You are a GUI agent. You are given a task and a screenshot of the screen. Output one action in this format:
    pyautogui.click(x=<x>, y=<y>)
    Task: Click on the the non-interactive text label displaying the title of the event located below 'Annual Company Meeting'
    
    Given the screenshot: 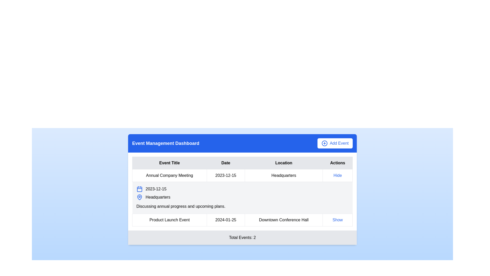 What is the action you would take?
    pyautogui.click(x=169, y=220)
    